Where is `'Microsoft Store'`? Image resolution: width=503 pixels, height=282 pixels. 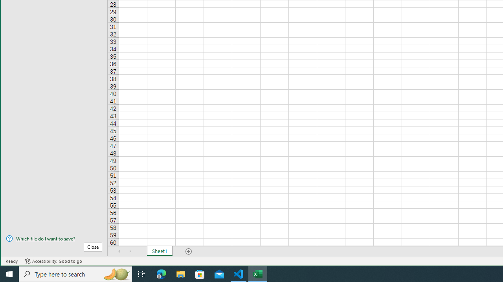 'Microsoft Store' is located at coordinates (200, 273).